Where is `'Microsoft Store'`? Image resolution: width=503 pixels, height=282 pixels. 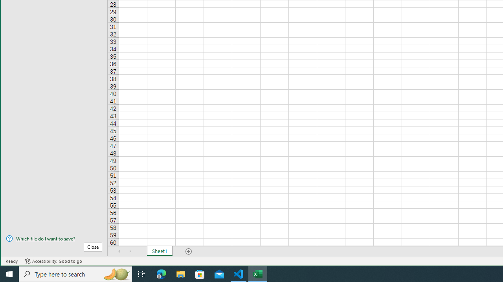 'Microsoft Store' is located at coordinates (200, 273).